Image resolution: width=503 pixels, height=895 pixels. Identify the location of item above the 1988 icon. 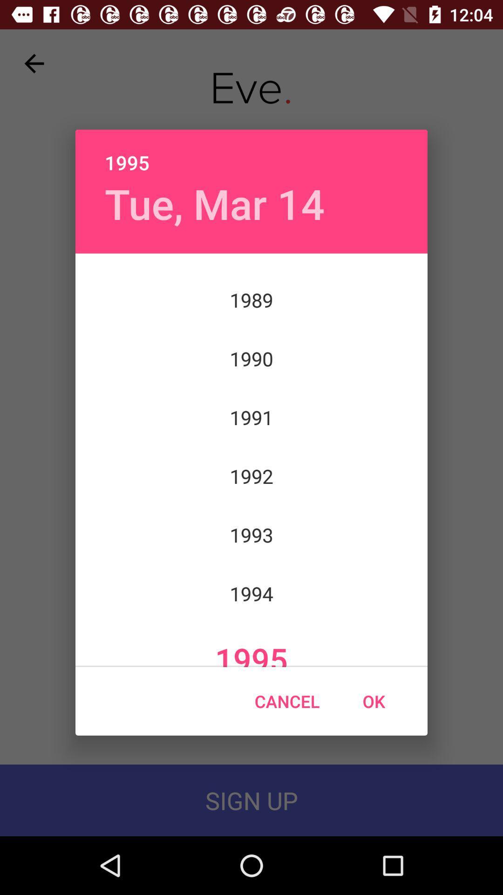
(215, 203).